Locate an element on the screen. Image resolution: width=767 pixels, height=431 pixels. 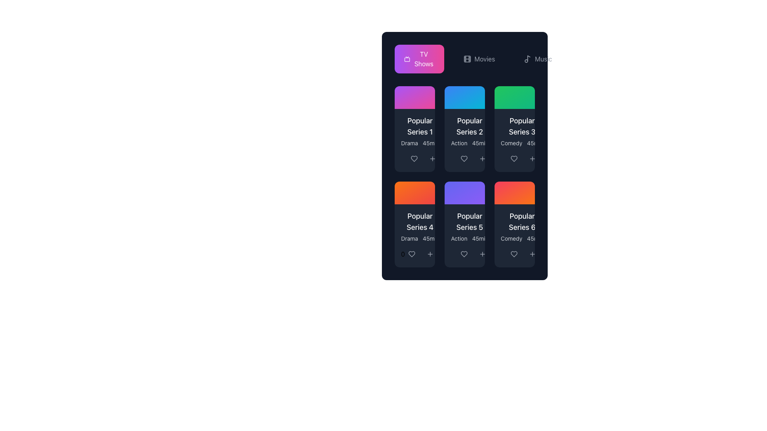
the small TV icon with a purple gradient background, which is part of the 'TV Shows' button located at the top-left corner of the interface is located at coordinates (407, 58).